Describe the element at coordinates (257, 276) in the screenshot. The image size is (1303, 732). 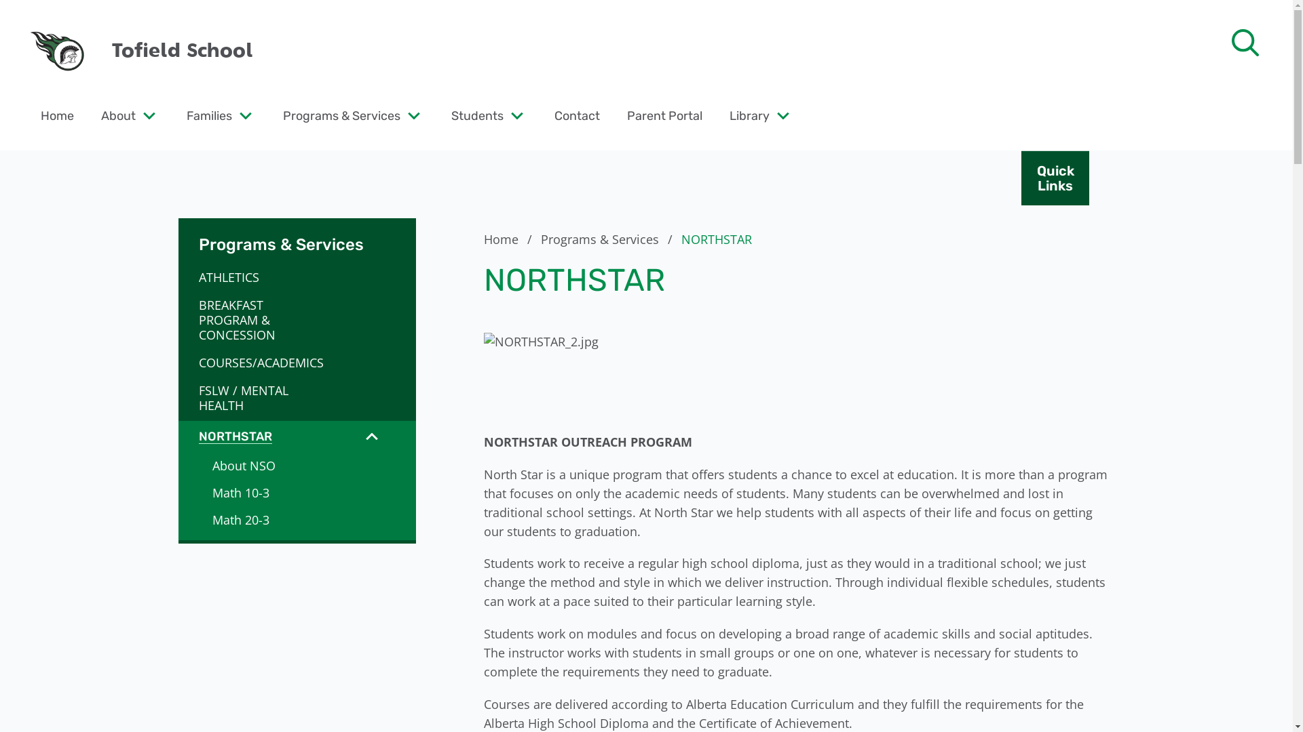
I see `'ATHLETICS'` at that location.